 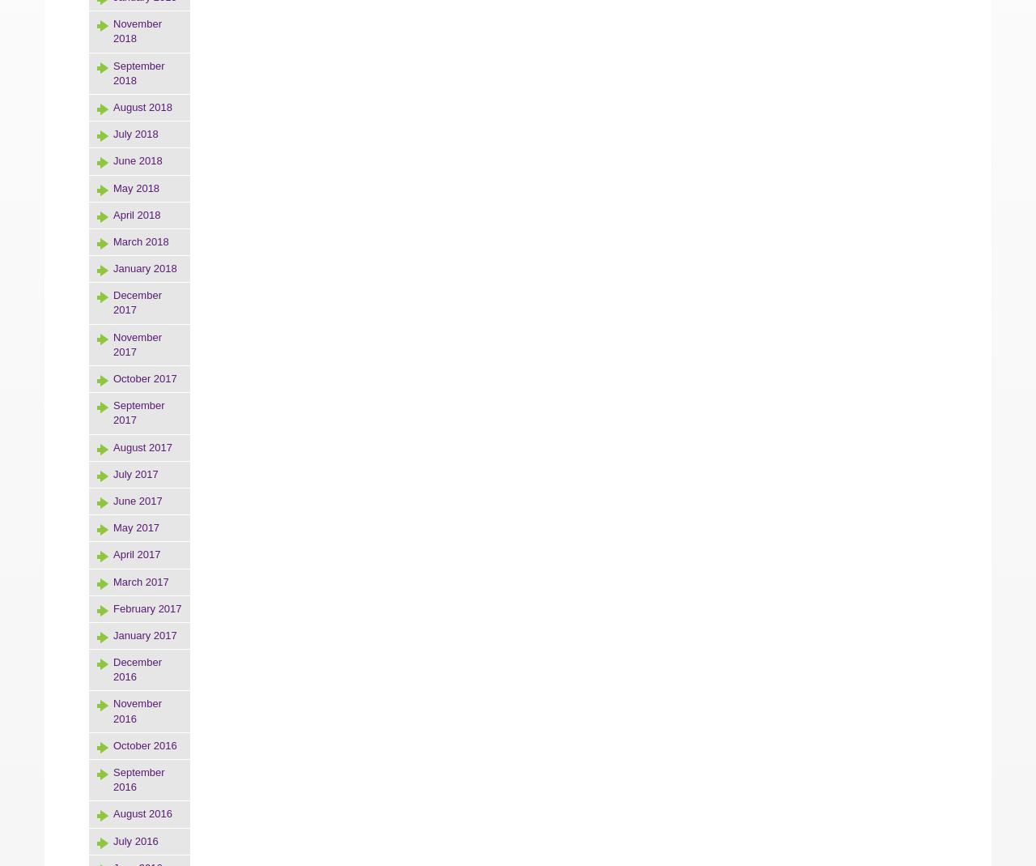 What do you see at coordinates (113, 412) in the screenshot?
I see `'September 2017'` at bounding box center [113, 412].